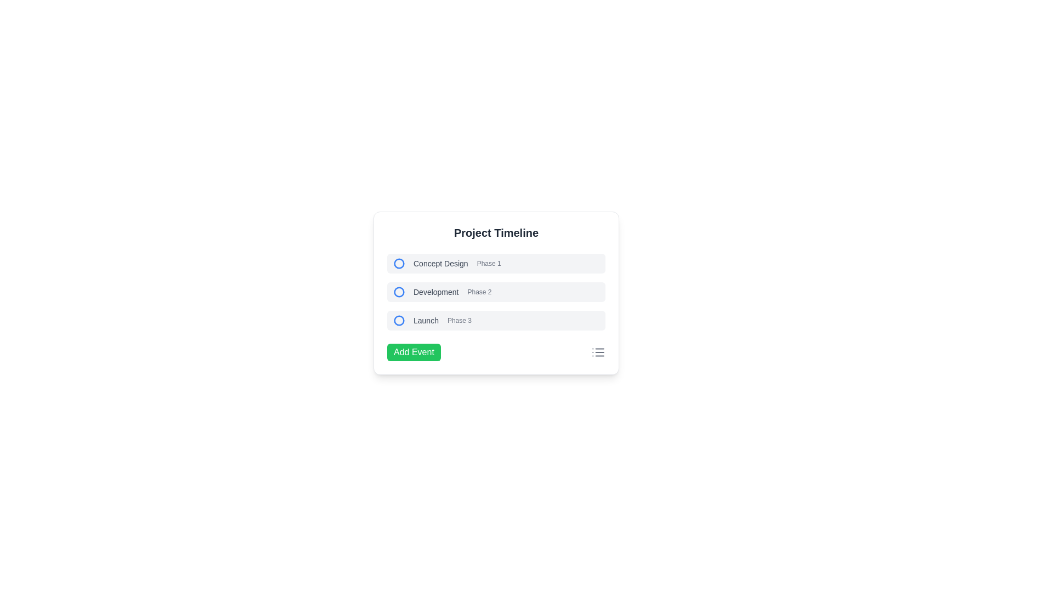  What do you see at coordinates (440, 264) in the screenshot?
I see `the text label that describes the project phase, positioned between a blue circular icon and the text 'Phase 1' in the 'Project Timeline' section` at bounding box center [440, 264].